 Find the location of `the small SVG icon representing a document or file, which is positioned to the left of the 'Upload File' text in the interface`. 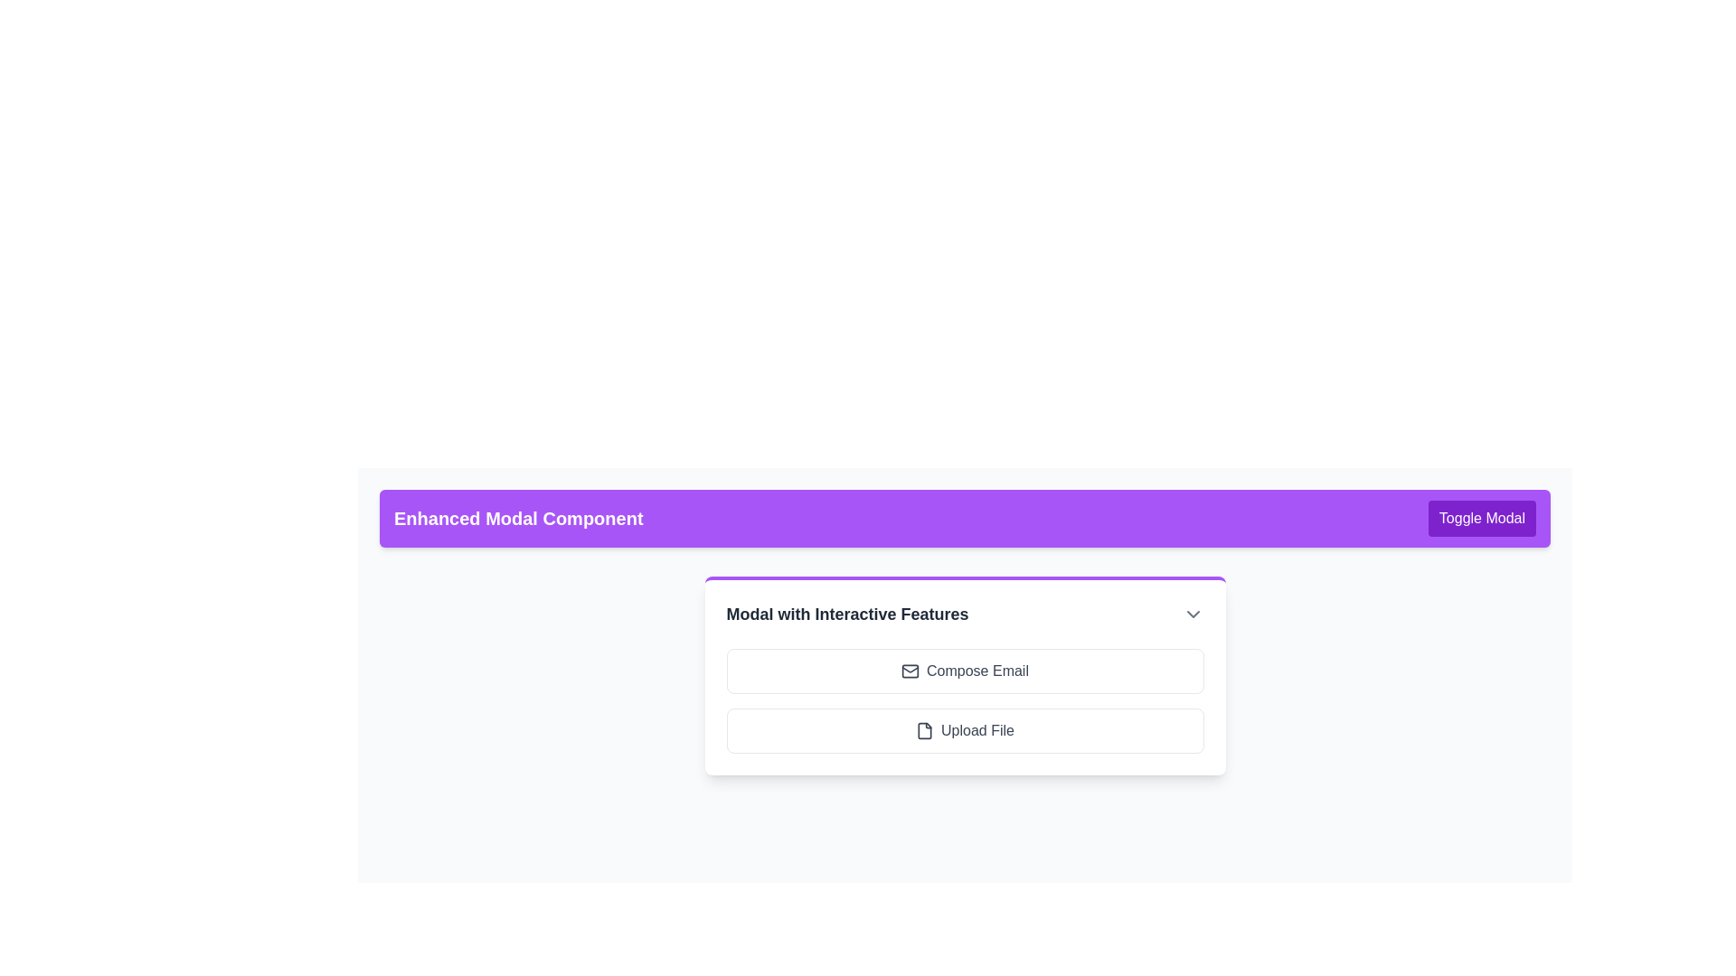

the small SVG icon representing a document or file, which is positioned to the left of the 'Upload File' text in the interface is located at coordinates (924, 730).